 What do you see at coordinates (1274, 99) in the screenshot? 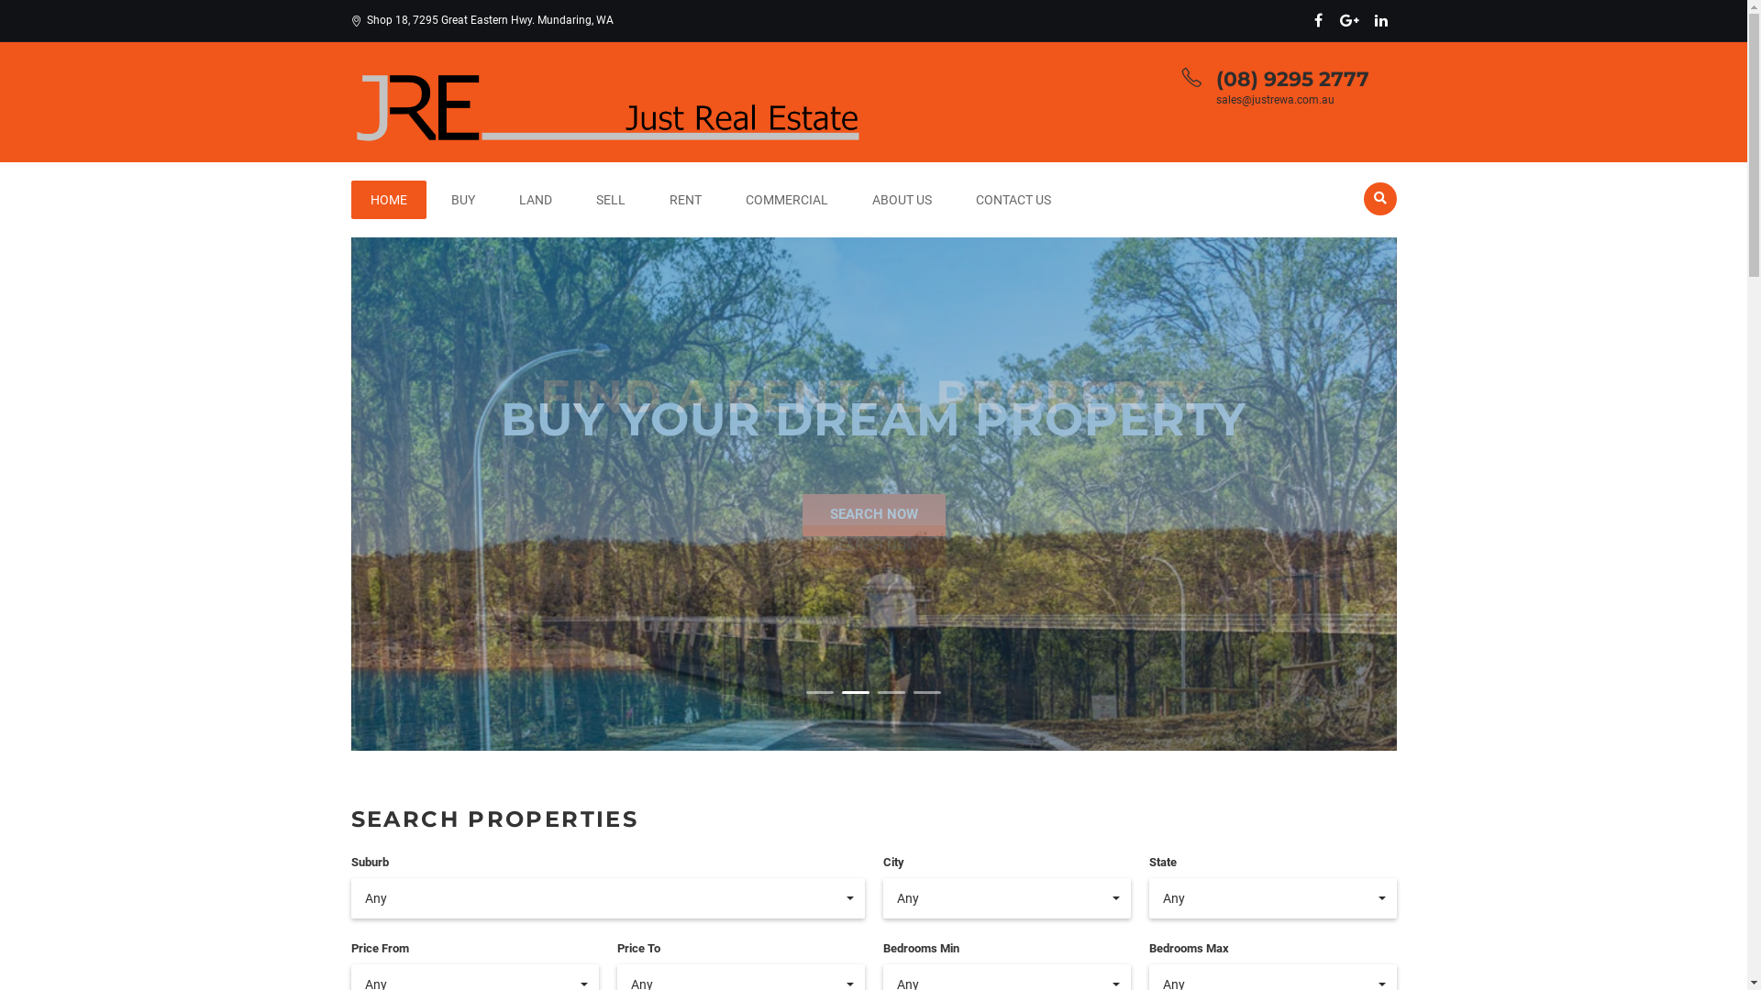
I see `'sales@justrewa.com.au'` at bounding box center [1274, 99].